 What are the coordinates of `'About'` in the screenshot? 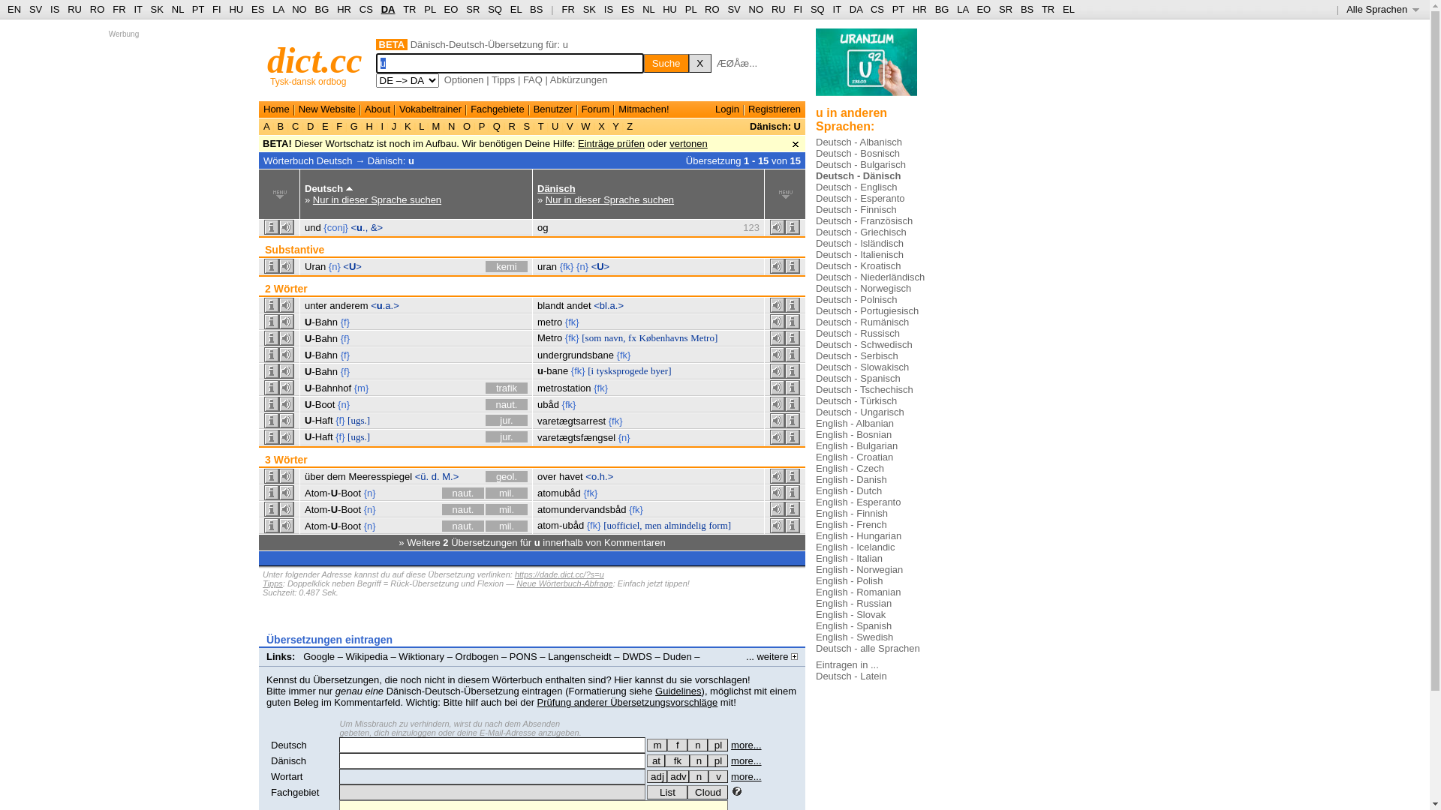 It's located at (378, 108).